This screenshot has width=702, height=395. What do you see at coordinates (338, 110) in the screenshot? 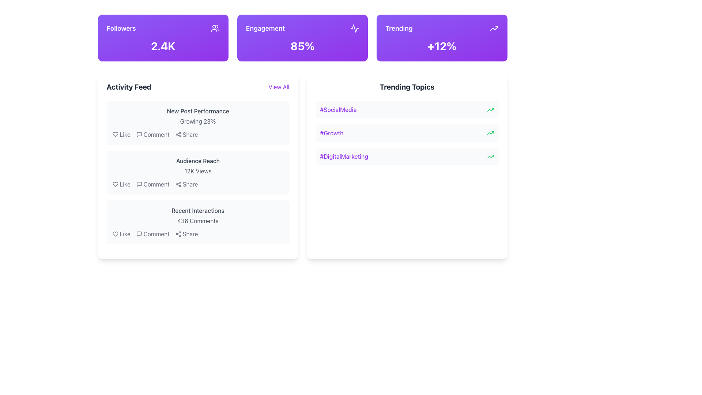
I see `the '#SocialMedia' text label in the 'Trending Topics' section` at bounding box center [338, 110].